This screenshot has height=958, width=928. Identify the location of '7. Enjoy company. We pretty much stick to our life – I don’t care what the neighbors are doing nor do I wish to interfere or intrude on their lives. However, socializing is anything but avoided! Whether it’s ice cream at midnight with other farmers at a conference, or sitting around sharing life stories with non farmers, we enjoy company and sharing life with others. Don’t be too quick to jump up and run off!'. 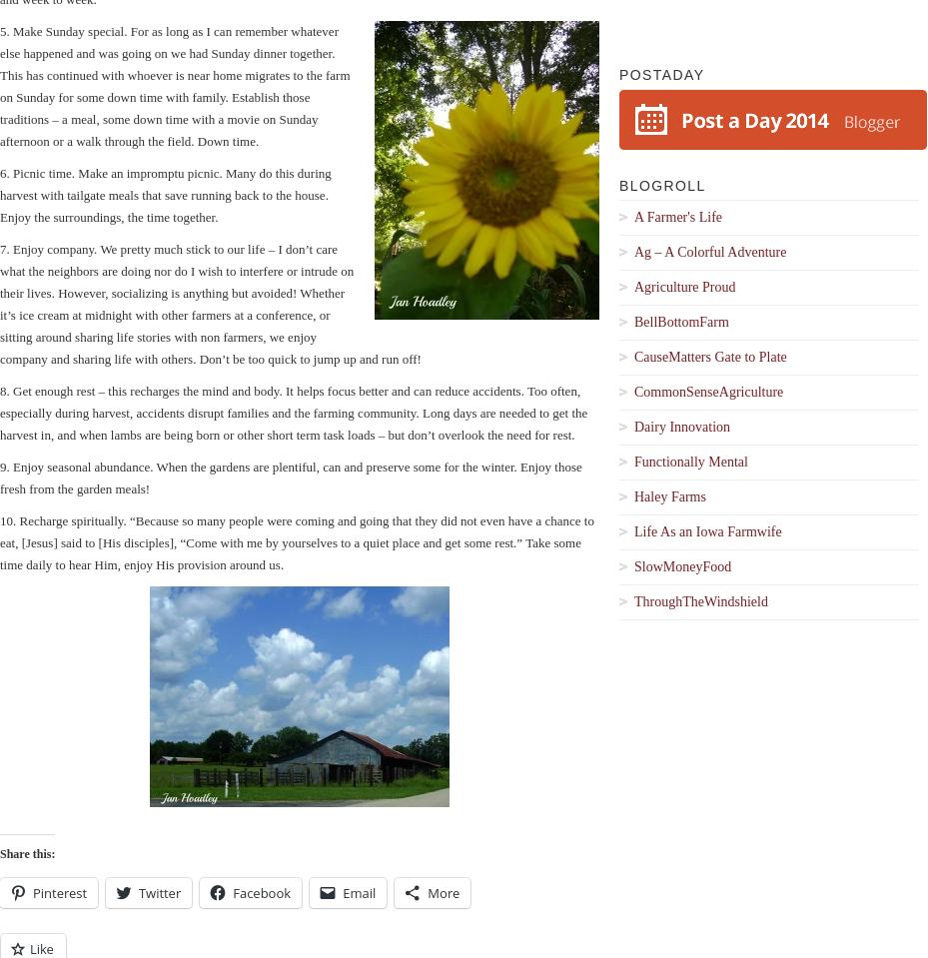
(209, 303).